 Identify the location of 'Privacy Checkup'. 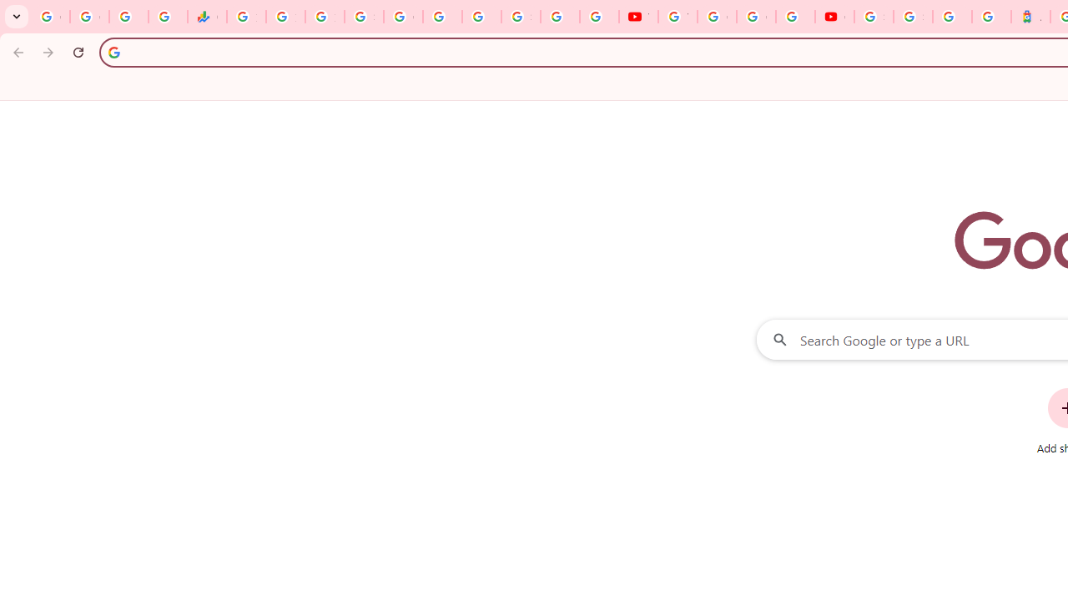
(599, 17).